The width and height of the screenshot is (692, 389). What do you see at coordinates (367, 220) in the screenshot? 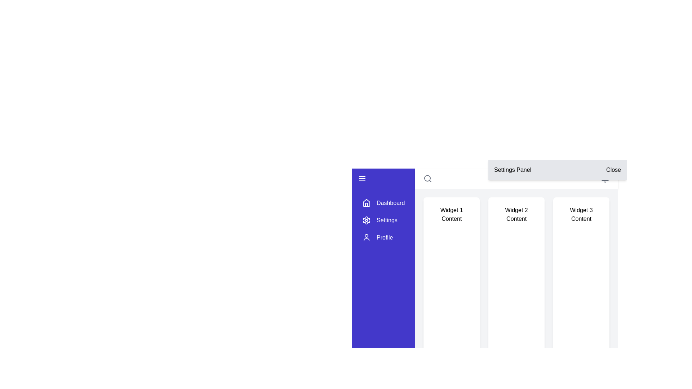
I see `the navigation icon for the 'Settings' section` at bounding box center [367, 220].